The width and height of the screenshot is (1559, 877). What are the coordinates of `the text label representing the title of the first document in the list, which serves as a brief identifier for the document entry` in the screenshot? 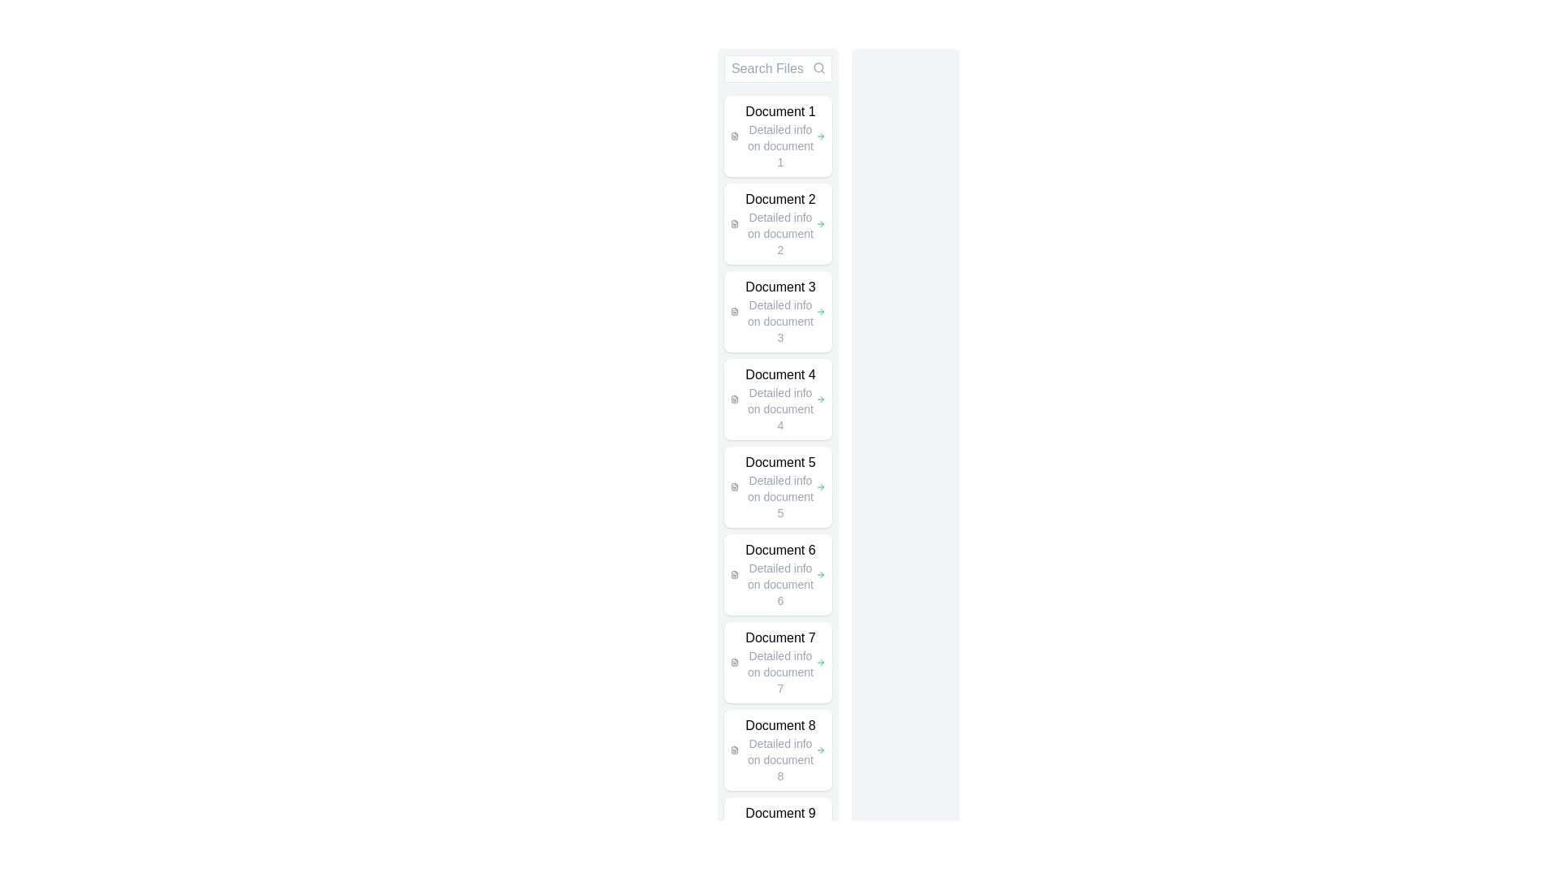 It's located at (780, 111).